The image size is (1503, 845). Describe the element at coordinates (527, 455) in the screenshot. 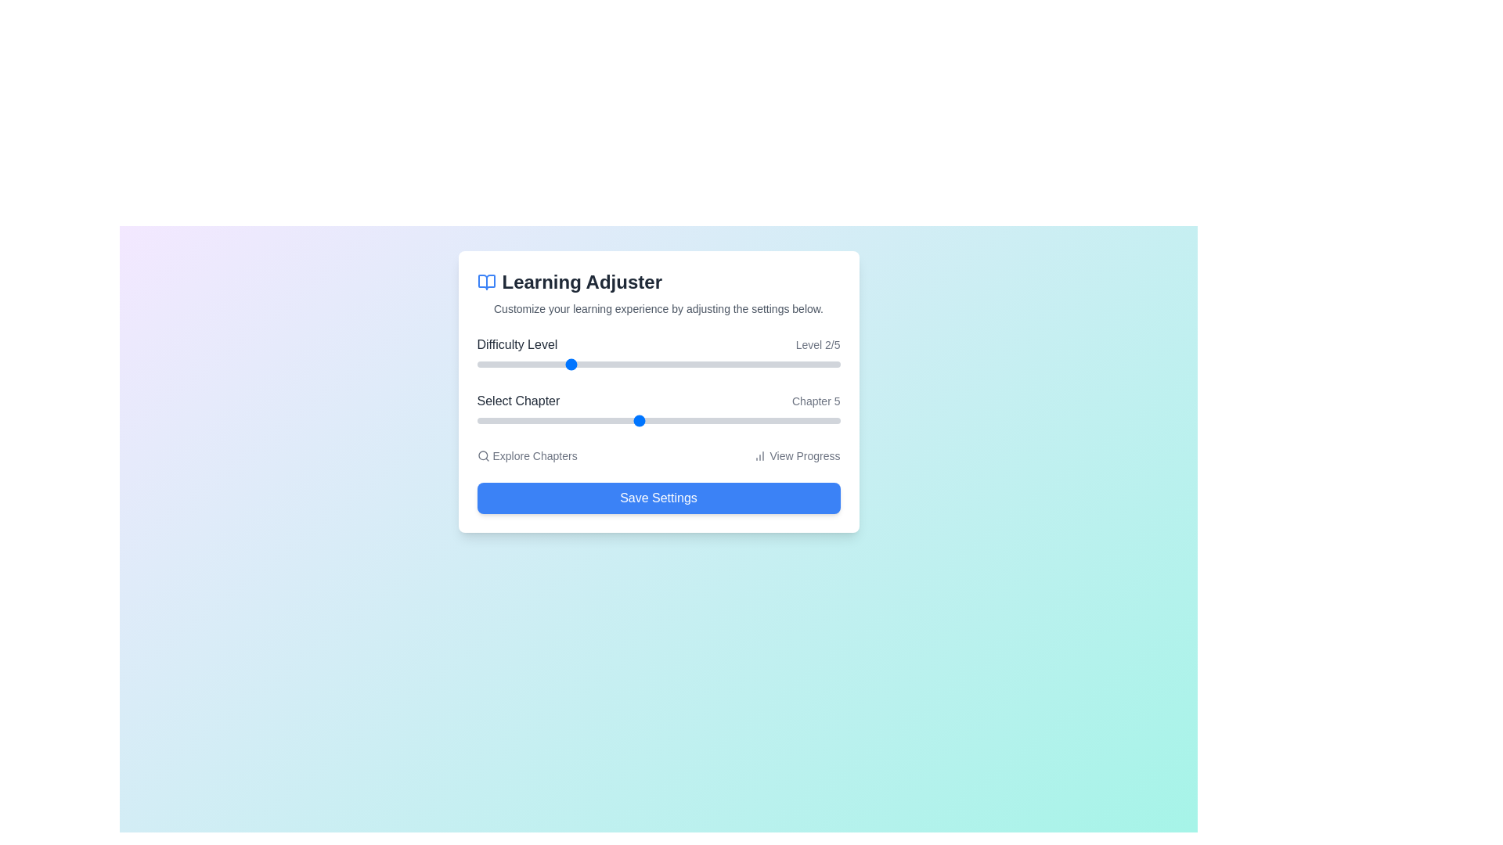

I see `the 'Explore Chapters' text label with the magnifying glass icon, which is the first element in the lower part of the interface` at that location.